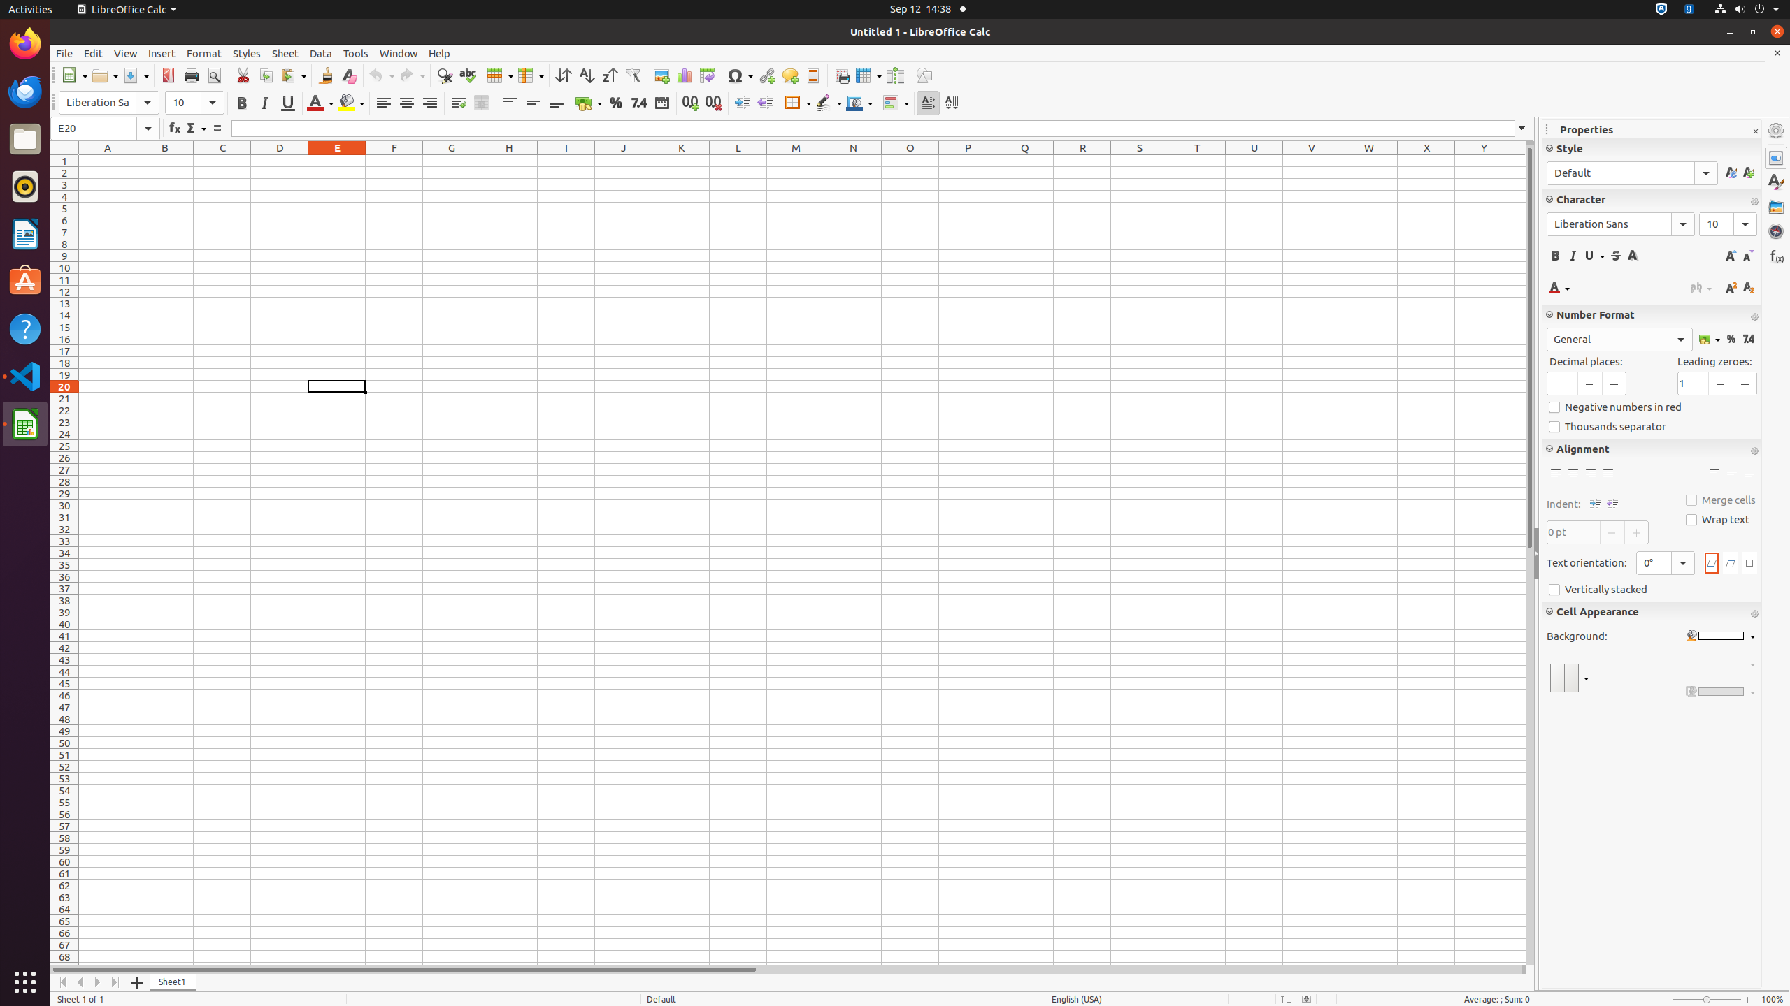 Image resolution: width=1790 pixels, height=1006 pixels. I want to click on 'Symbol', so click(739, 75).